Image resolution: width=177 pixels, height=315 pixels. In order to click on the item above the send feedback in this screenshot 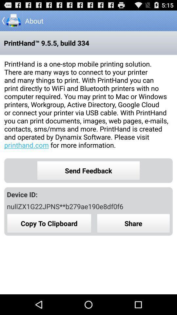, I will do `click(88, 104)`.